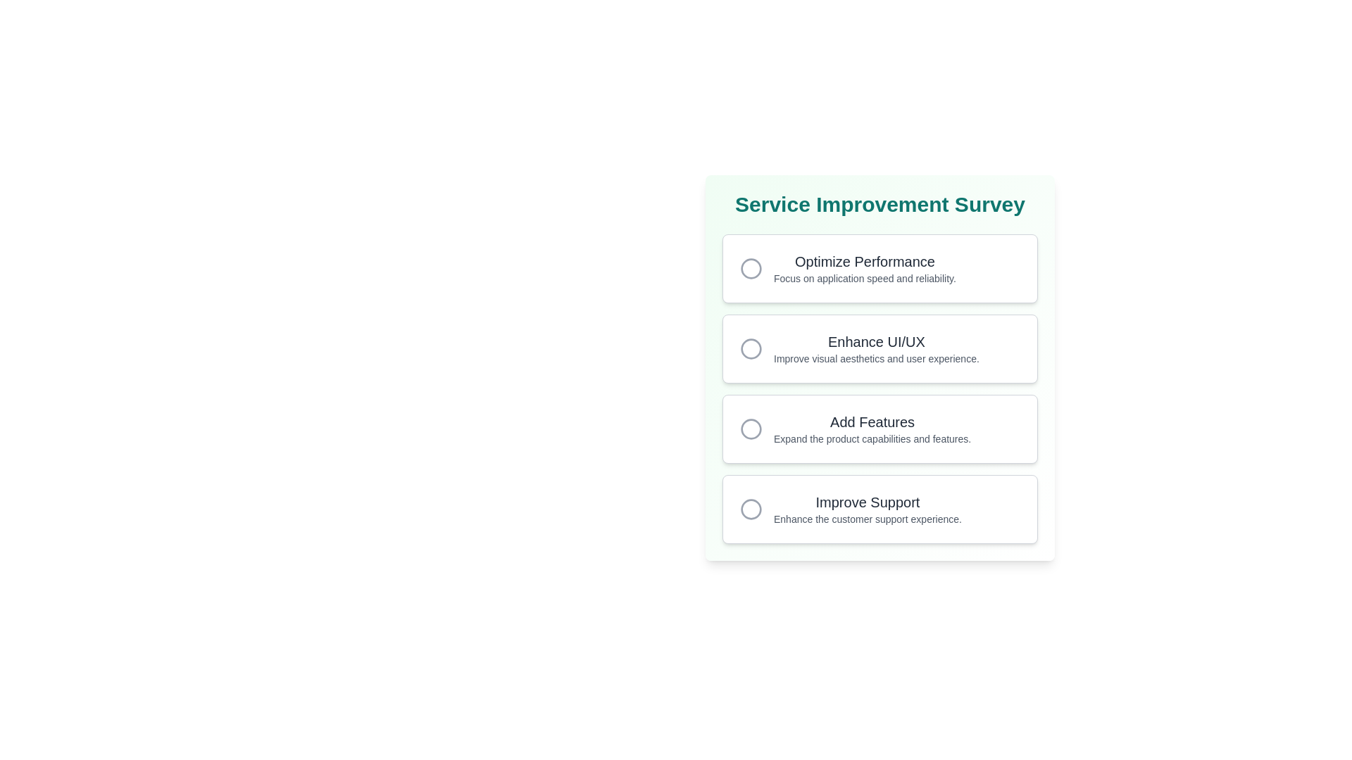 The height and width of the screenshot is (760, 1352). Describe the element at coordinates (867, 509) in the screenshot. I see `text content of the descriptive label located in the fourth clickable box of the 'Service Improvement Survey' section, positioned below the 'Add Features' option` at that location.